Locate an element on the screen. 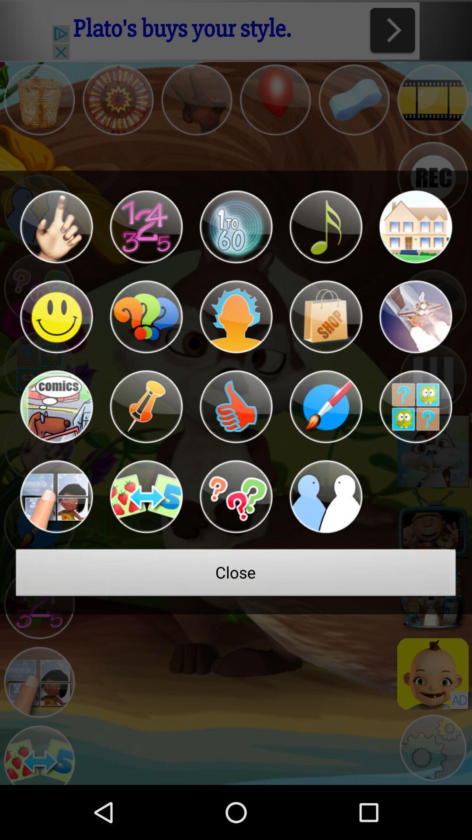 The image size is (472, 840). pin something is located at coordinates (146, 406).